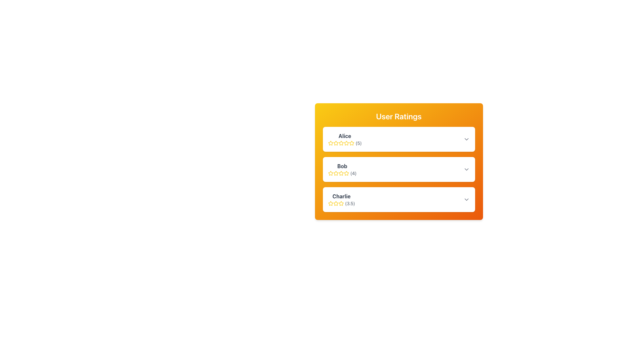  Describe the element at coordinates (341, 203) in the screenshot. I see `the fourth star icon in the 'User Ratings' section for 'Charlie', which is a vibrant yellow star used for rating purposes` at that location.